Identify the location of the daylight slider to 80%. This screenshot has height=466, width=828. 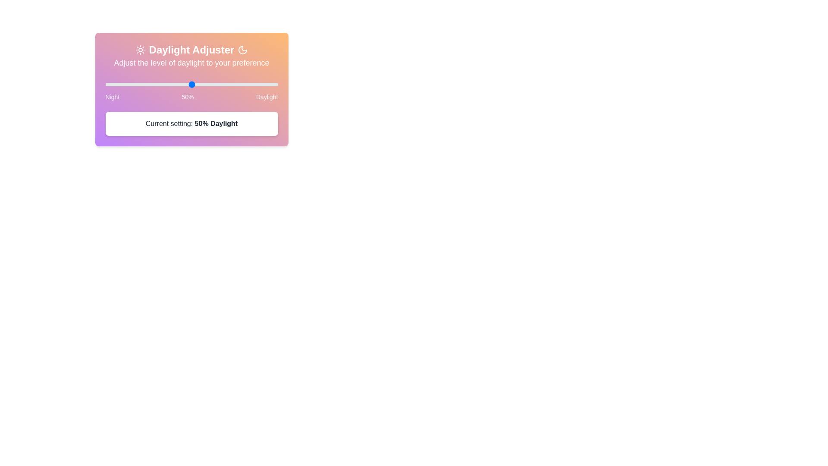
(243, 85).